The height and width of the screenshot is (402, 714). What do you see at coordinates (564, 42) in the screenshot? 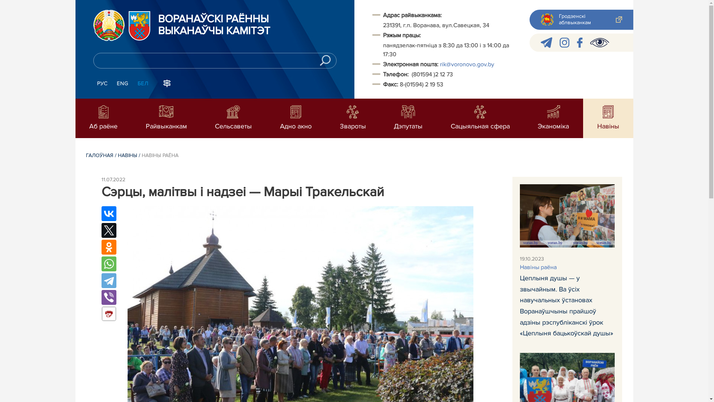
I see `'instagram'` at bounding box center [564, 42].